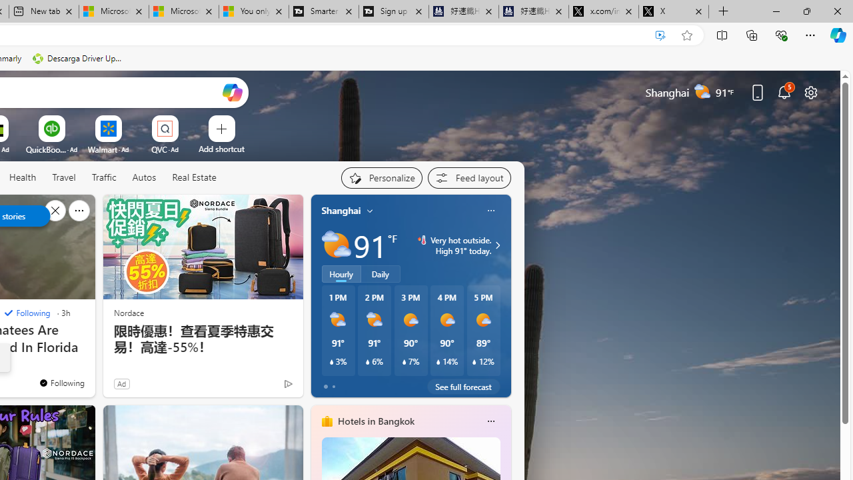  I want to click on 'Travel', so click(63, 177).